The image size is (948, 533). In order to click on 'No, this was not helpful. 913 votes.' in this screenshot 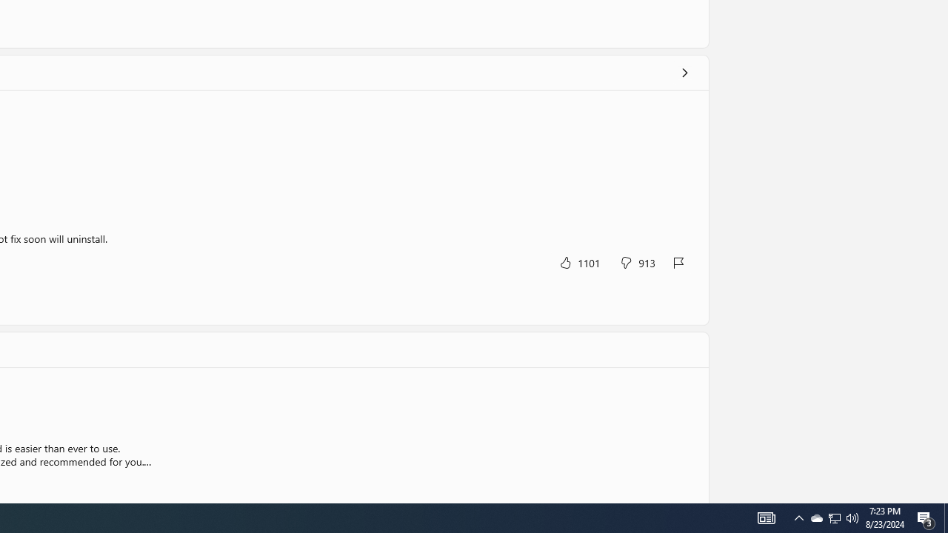, I will do `click(637, 261)`.